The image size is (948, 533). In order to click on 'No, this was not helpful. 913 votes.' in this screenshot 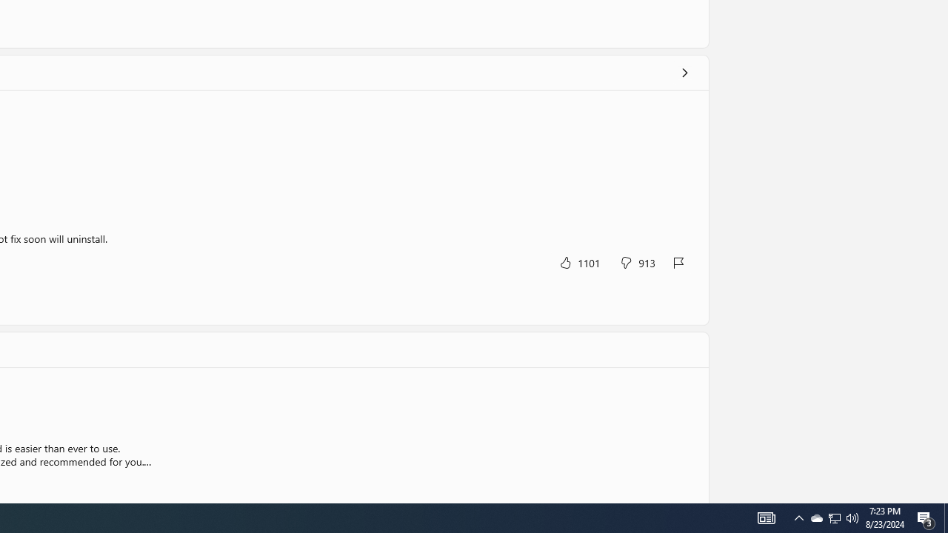, I will do `click(637, 261)`.